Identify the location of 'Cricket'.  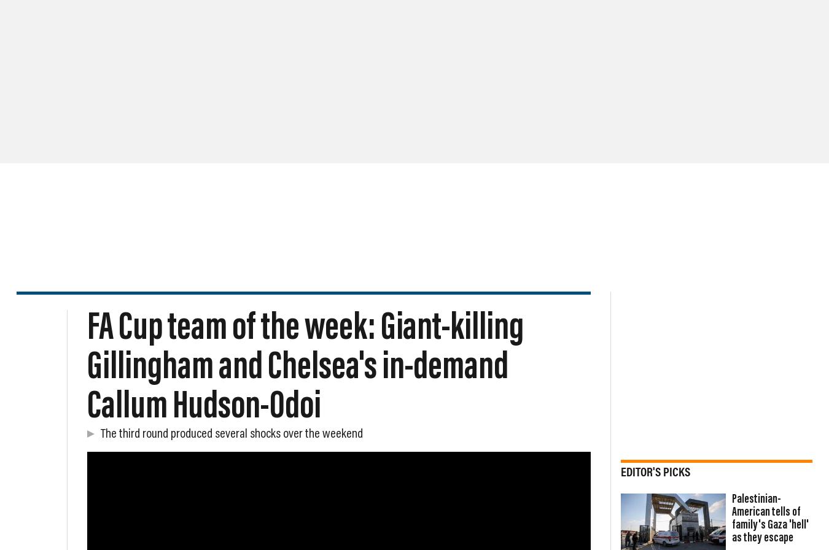
(98, 110).